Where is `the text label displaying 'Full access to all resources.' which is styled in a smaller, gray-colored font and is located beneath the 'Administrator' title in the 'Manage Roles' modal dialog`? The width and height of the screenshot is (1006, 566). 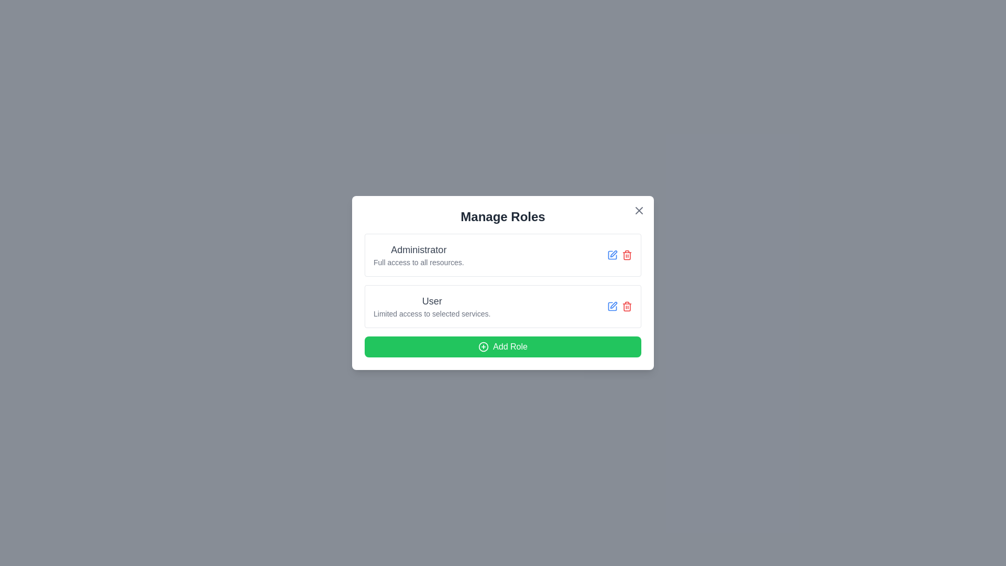 the text label displaying 'Full access to all resources.' which is styled in a smaller, gray-colored font and is located beneath the 'Administrator' title in the 'Manage Roles' modal dialog is located at coordinates (418, 262).